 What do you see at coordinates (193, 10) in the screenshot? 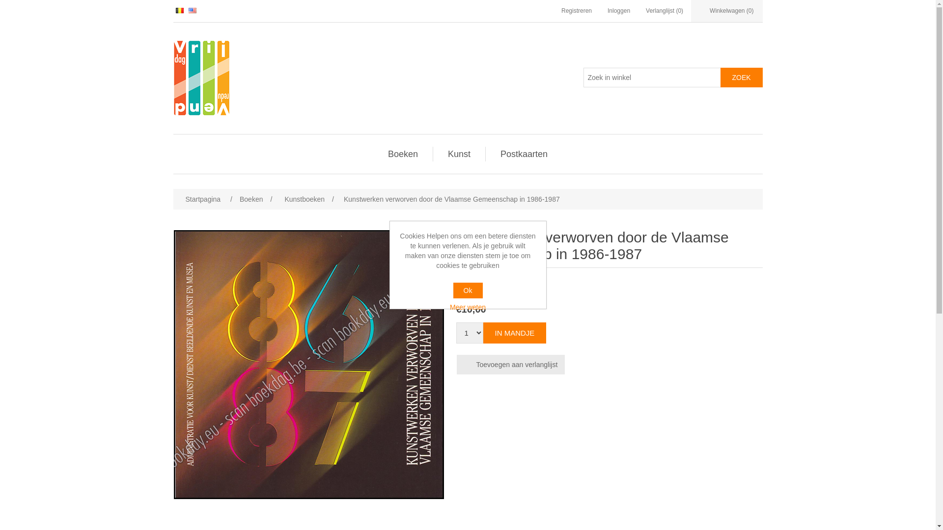
I see `'English'` at bounding box center [193, 10].